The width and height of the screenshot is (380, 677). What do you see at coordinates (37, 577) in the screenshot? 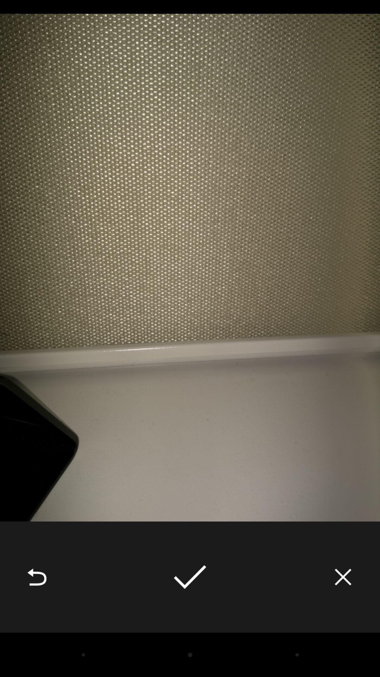
I see `the icon at the bottom left corner` at bounding box center [37, 577].